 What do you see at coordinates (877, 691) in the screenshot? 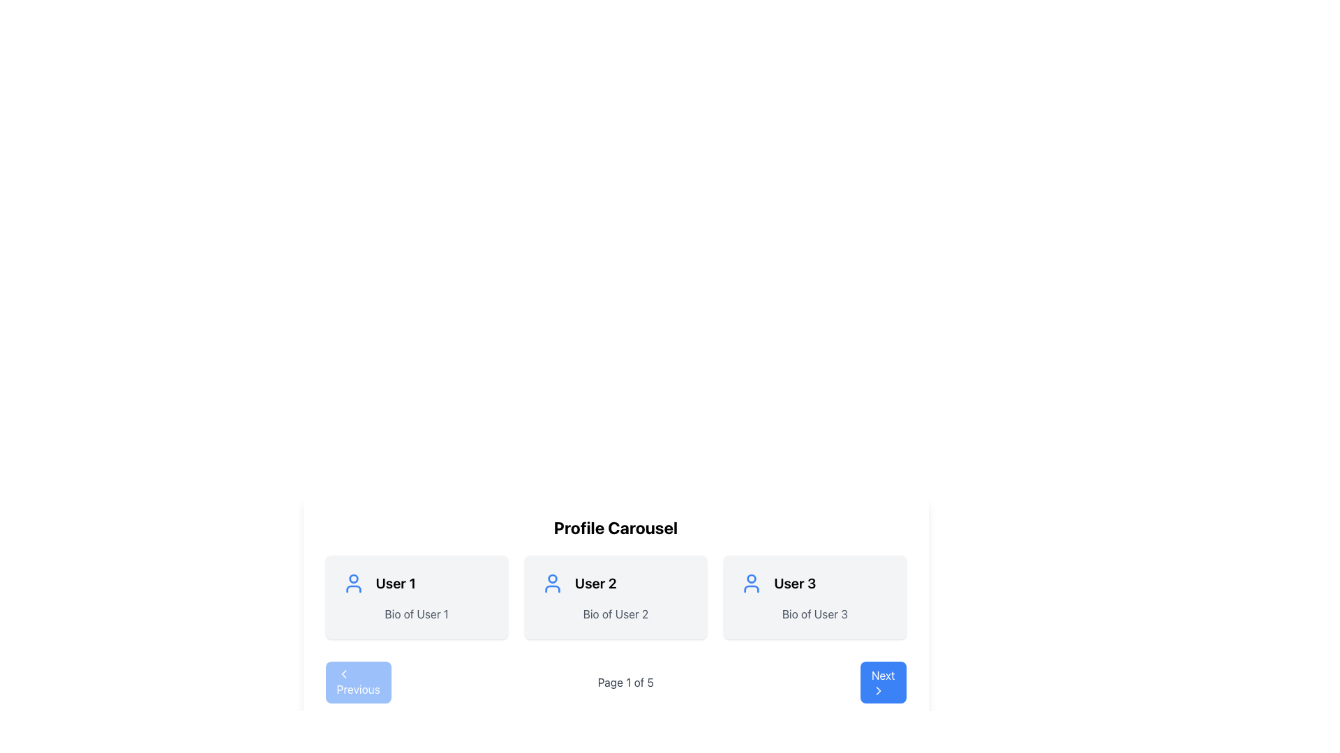
I see `the right-pointing chevron arrow icon located within the blue 'Next' button at the bottom-right corner of the interface` at bounding box center [877, 691].